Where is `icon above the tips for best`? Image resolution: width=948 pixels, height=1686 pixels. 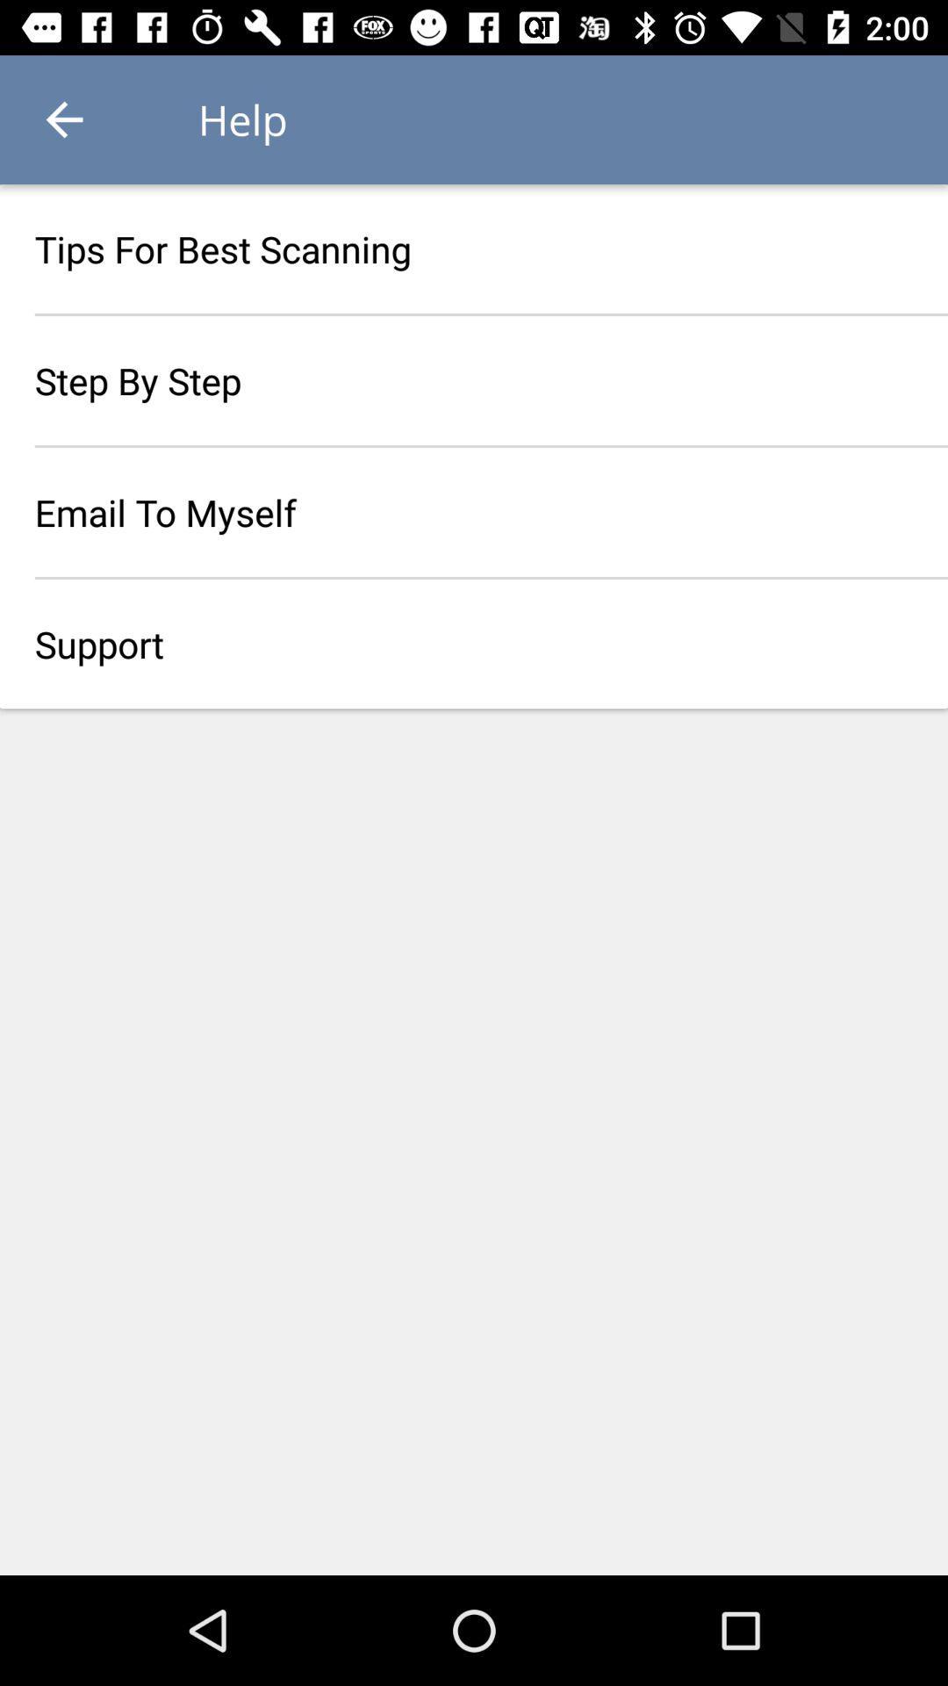 icon above the tips for best is located at coordinates (63, 119).